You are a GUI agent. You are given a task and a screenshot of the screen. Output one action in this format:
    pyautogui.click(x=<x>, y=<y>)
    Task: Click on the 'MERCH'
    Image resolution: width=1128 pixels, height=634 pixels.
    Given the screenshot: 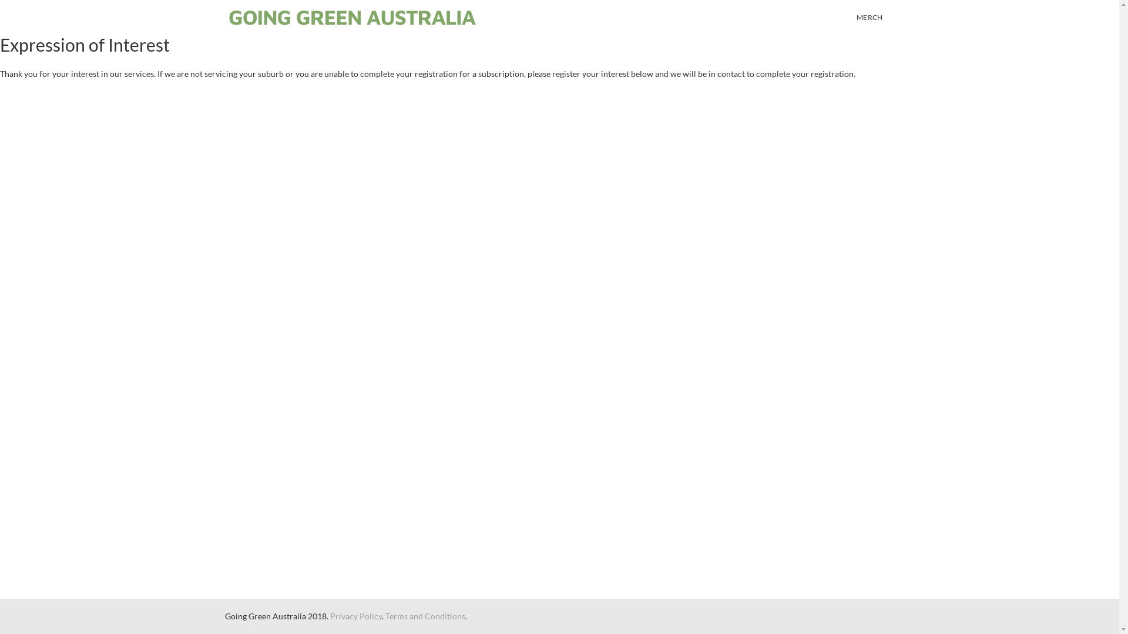 What is the action you would take?
    pyautogui.click(x=869, y=18)
    